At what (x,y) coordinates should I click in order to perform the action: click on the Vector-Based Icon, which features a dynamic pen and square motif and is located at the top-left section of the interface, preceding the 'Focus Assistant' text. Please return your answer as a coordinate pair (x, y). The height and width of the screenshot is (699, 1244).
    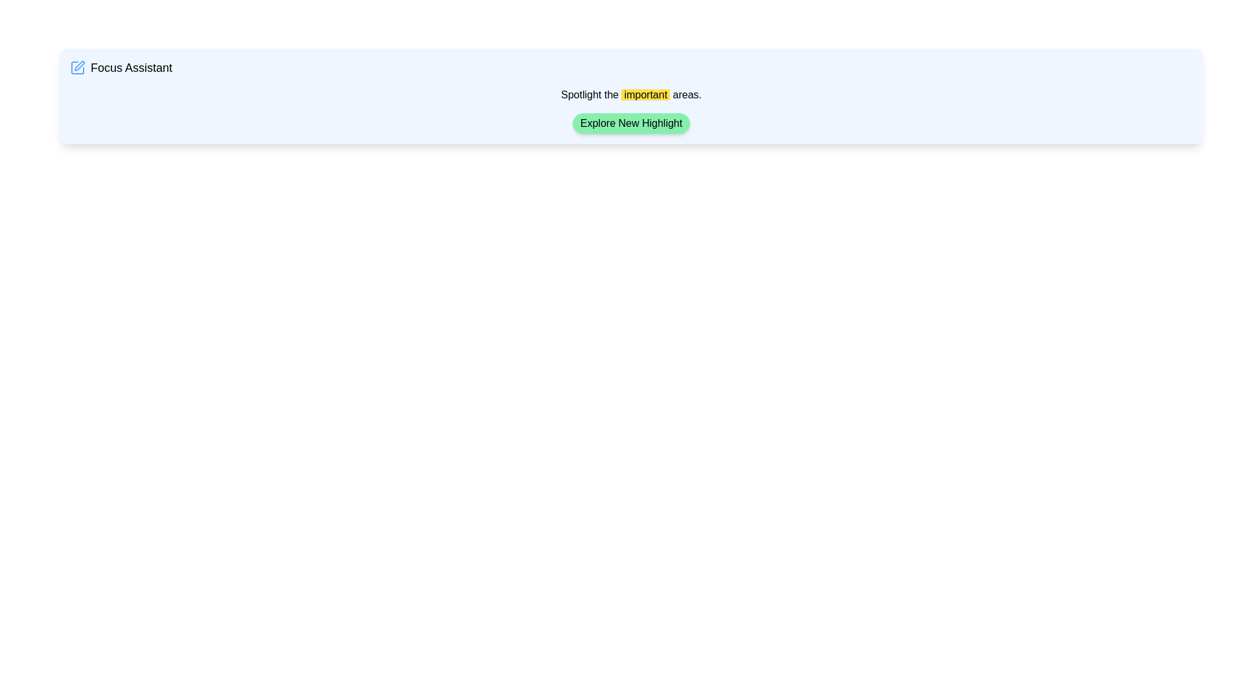
    Looking at the image, I should click on (79, 65).